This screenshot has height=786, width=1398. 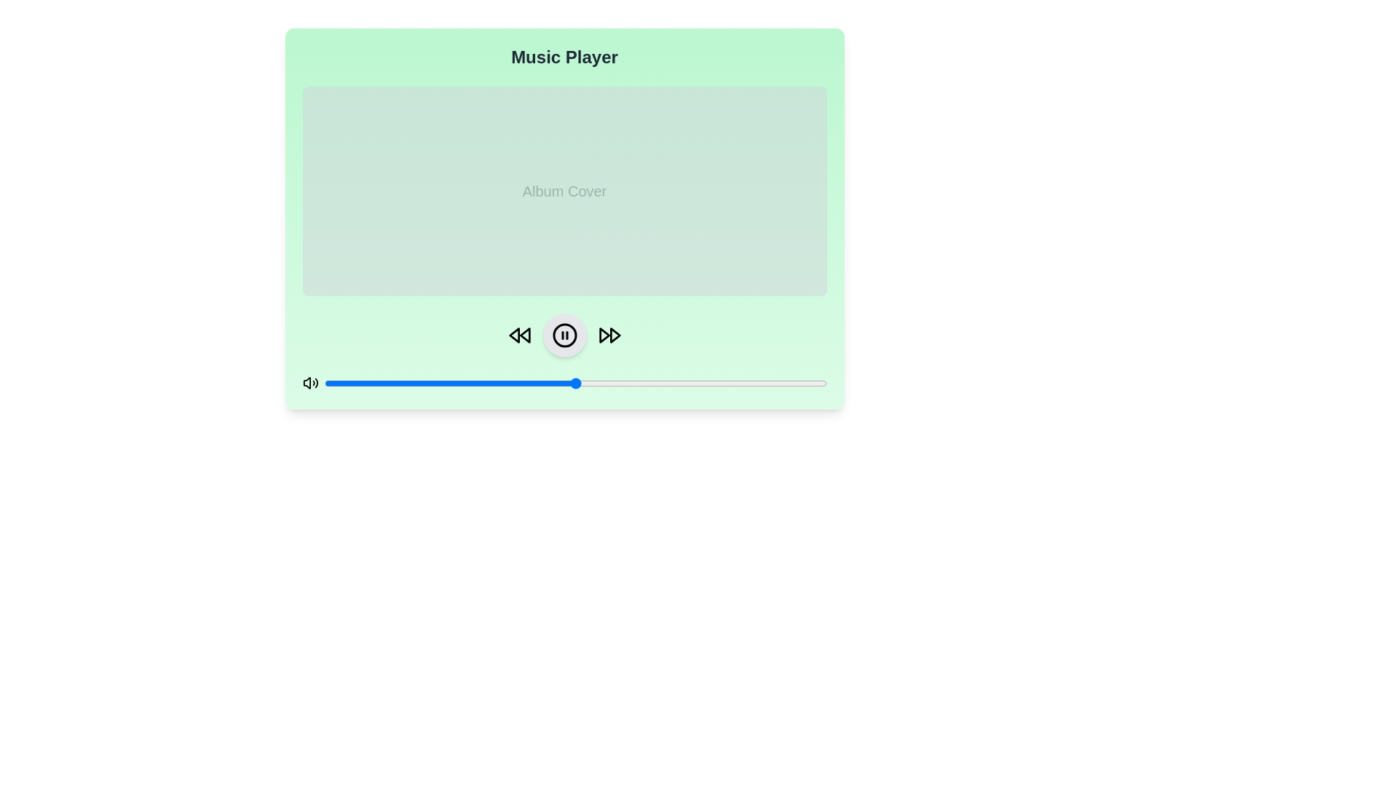 I want to click on the slider position, so click(x=559, y=383).